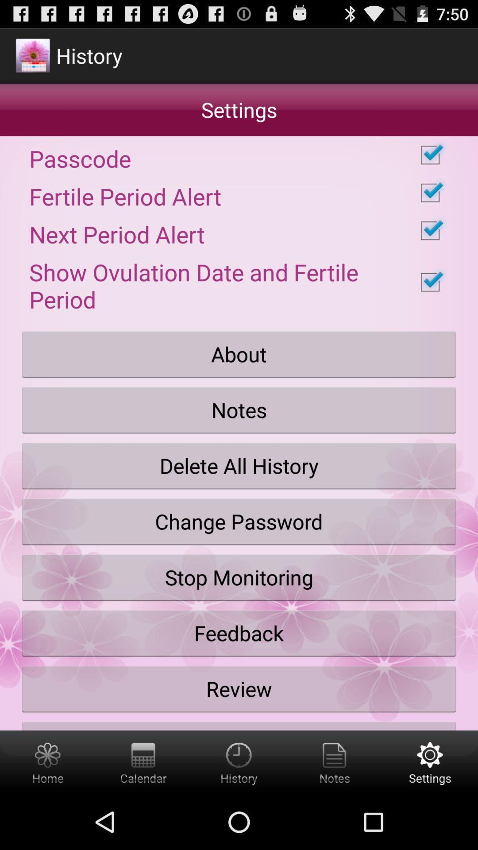 This screenshot has height=850, width=478. I want to click on feedback icon, so click(239, 633).